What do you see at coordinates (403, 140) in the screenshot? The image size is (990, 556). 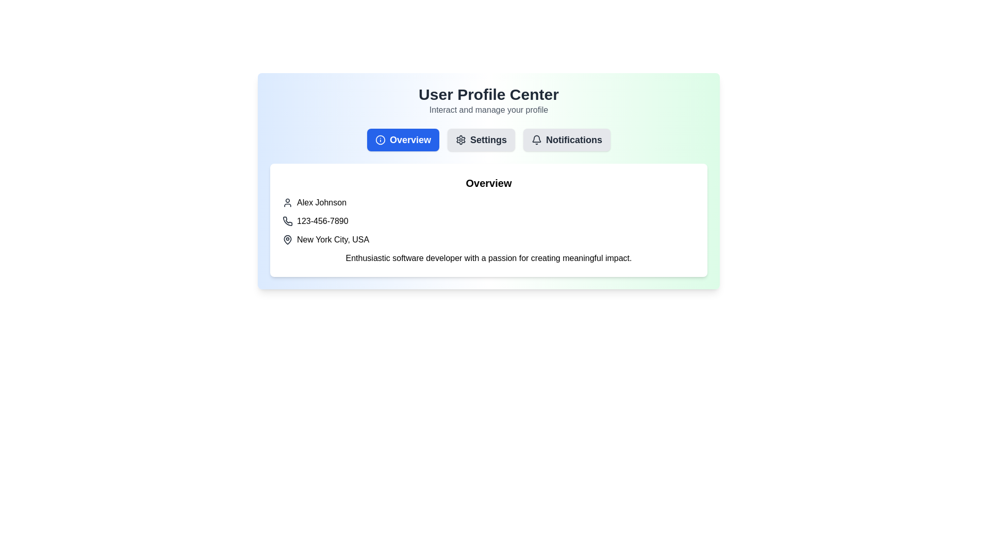 I see `the 'Overview' button, which is a rectangular button with rounded corners, a blue background, and contains the text 'Overview' in bold white font, located left among three buttons under 'User Profile Center'` at bounding box center [403, 140].